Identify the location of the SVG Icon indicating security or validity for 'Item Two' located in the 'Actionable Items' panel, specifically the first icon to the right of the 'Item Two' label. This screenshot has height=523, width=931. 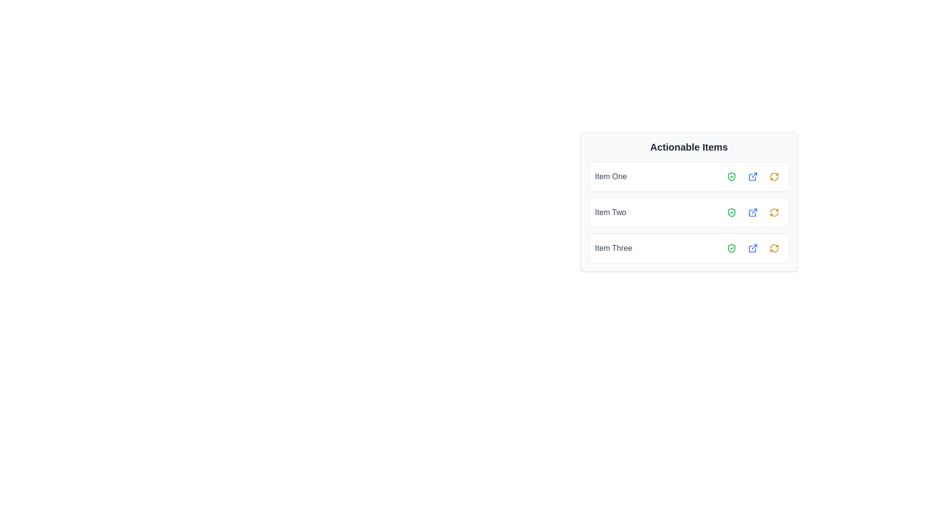
(731, 212).